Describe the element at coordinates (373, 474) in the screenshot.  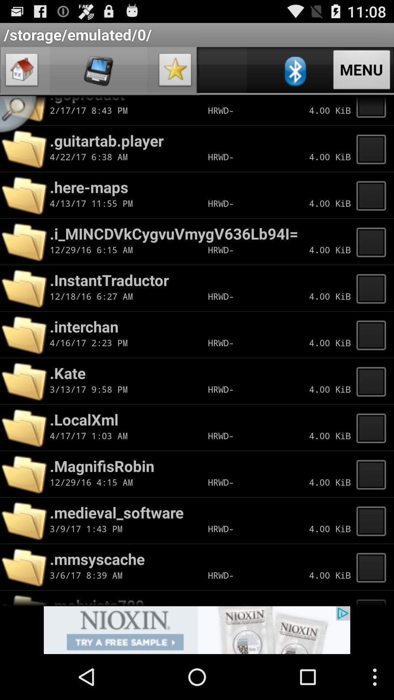
I see `check box for files in drive` at that location.